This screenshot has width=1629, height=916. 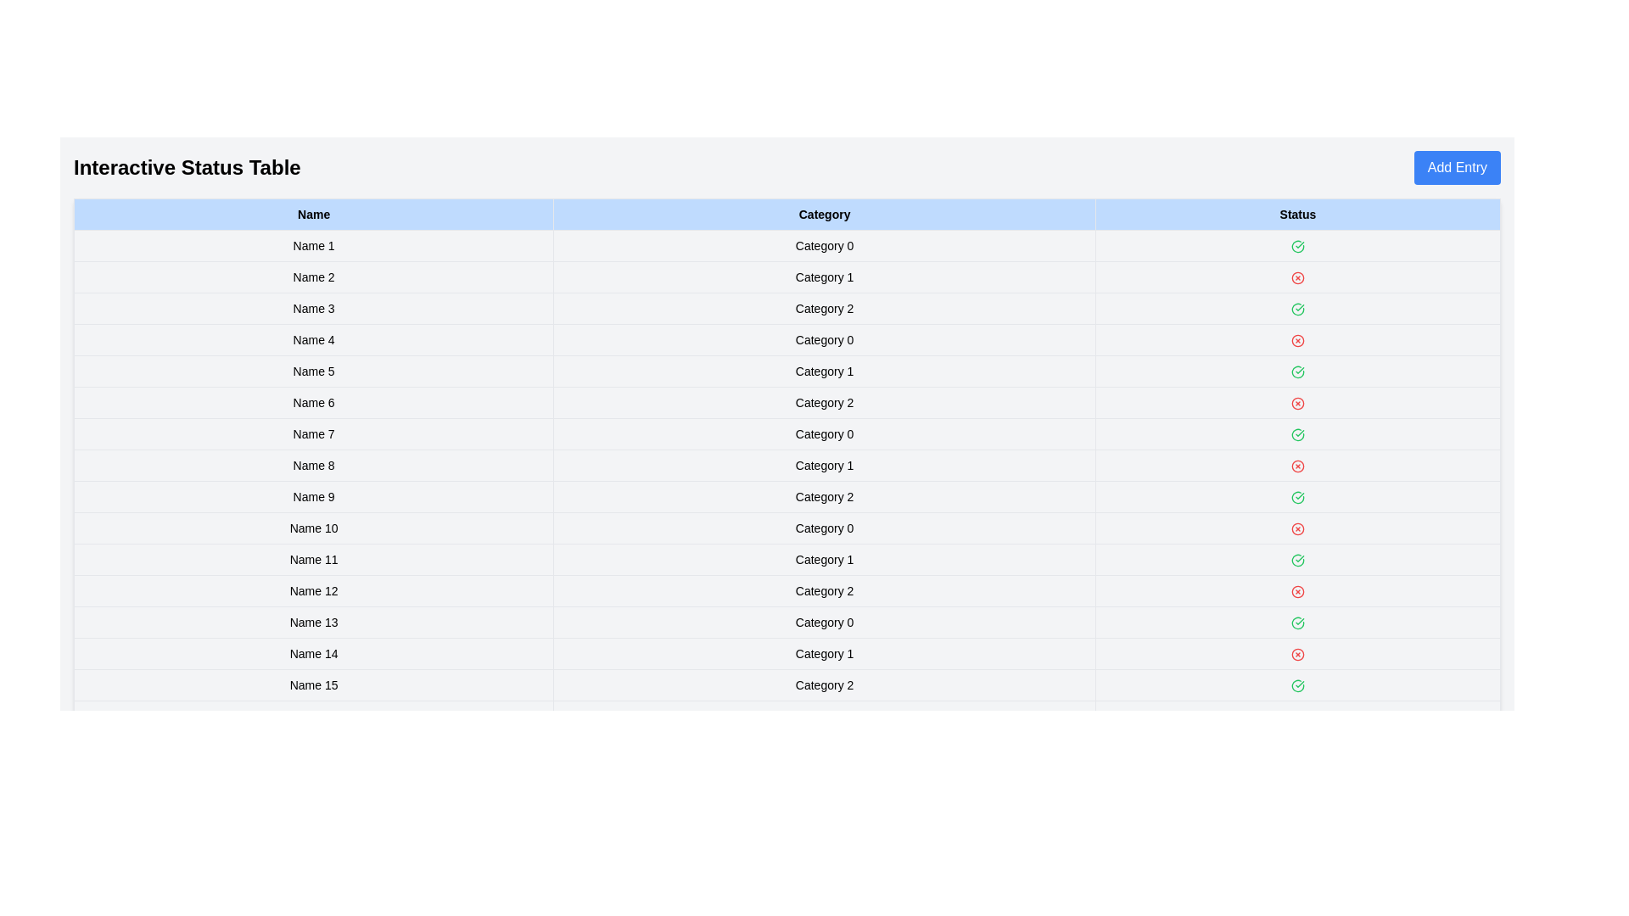 What do you see at coordinates (1456, 167) in the screenshot?
I see `the 'Add Entry' button to initiate the add entry process` at bounding box center [1456, 167].